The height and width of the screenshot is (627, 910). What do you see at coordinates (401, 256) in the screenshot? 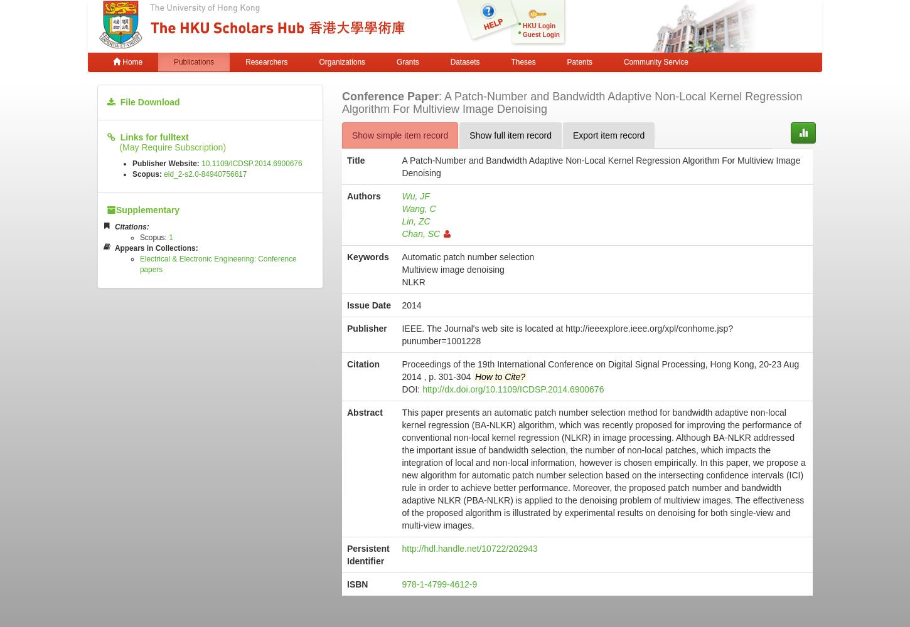
I see `'Automatic patch number selection'` at bounding box center [401, 256].